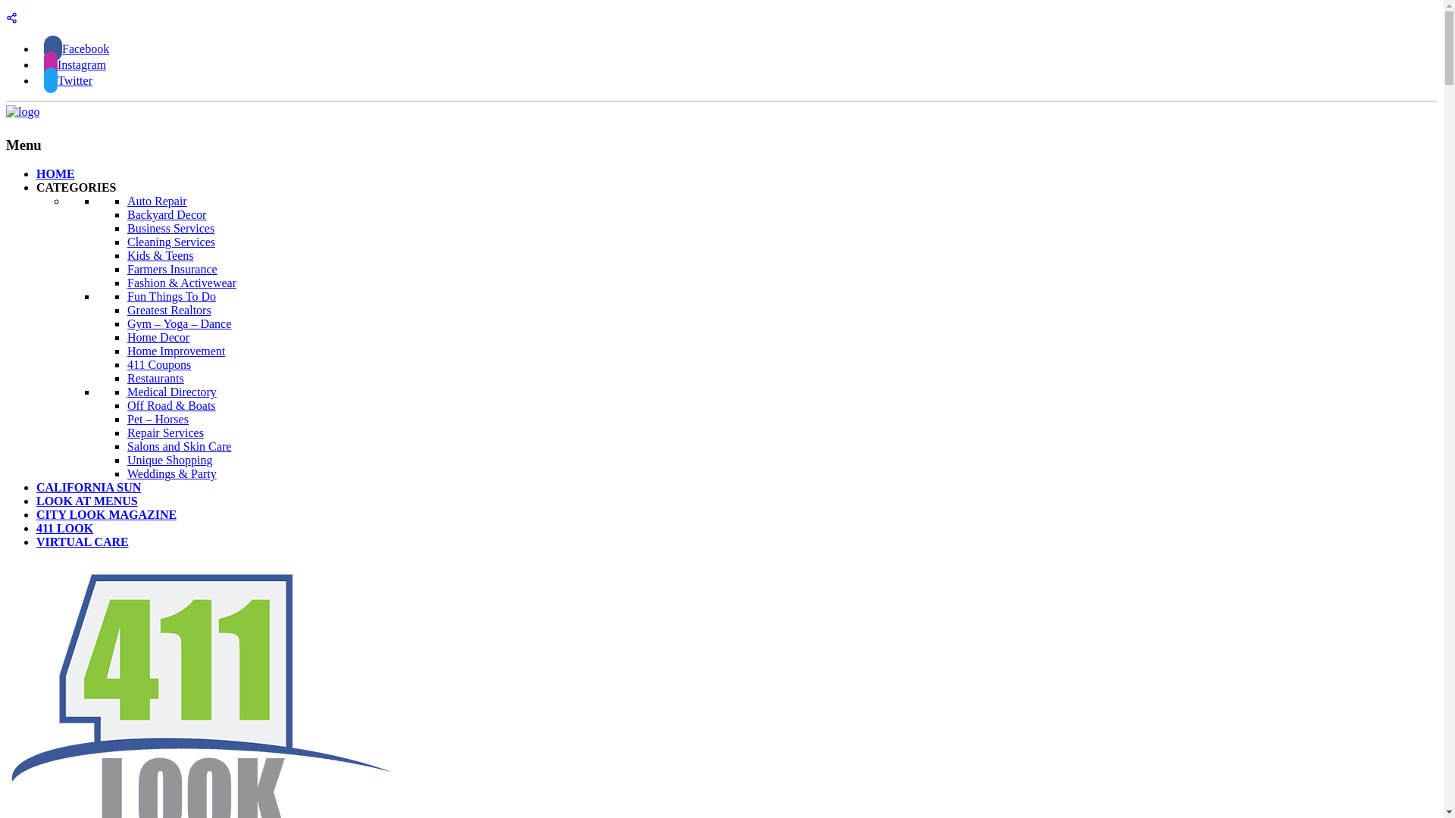 The height and width of the screenshot is (818, 1455). I want to click on 'Fun Things To Do', so click(127, 296).